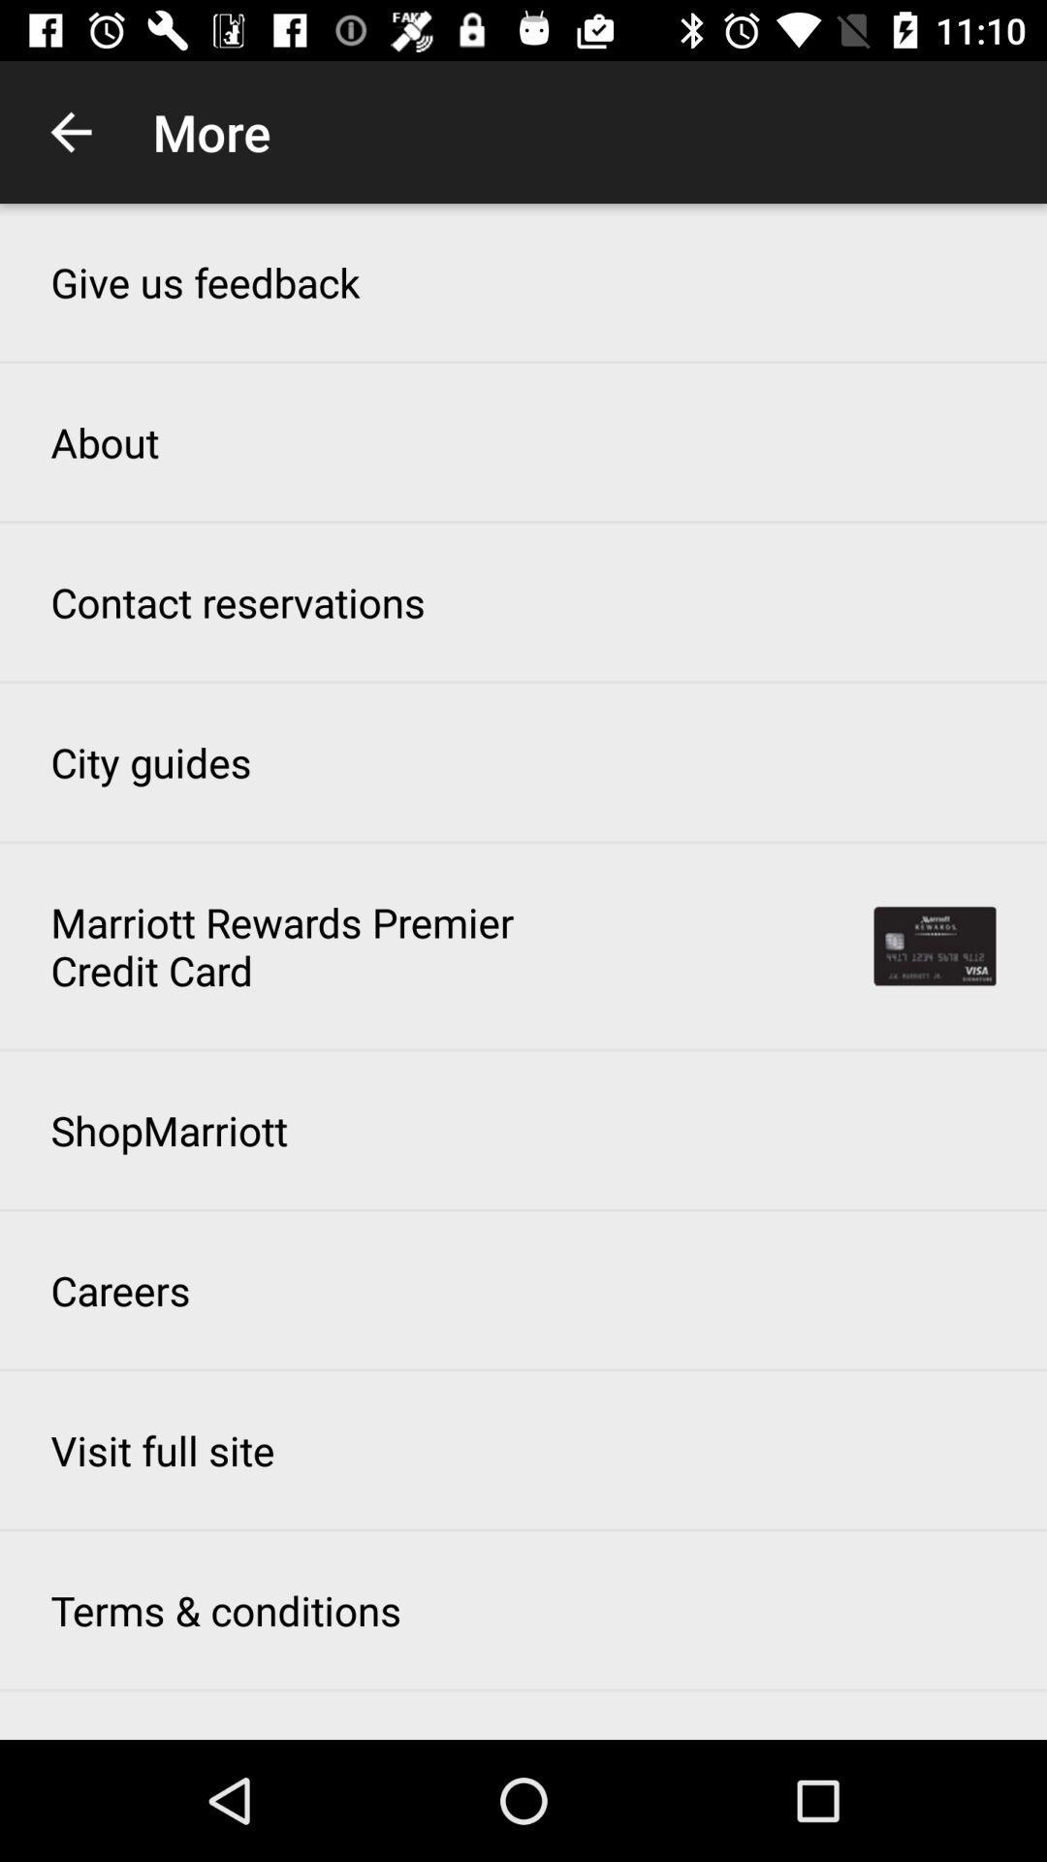  I want to click on item above the city guides, so click(237, 600).